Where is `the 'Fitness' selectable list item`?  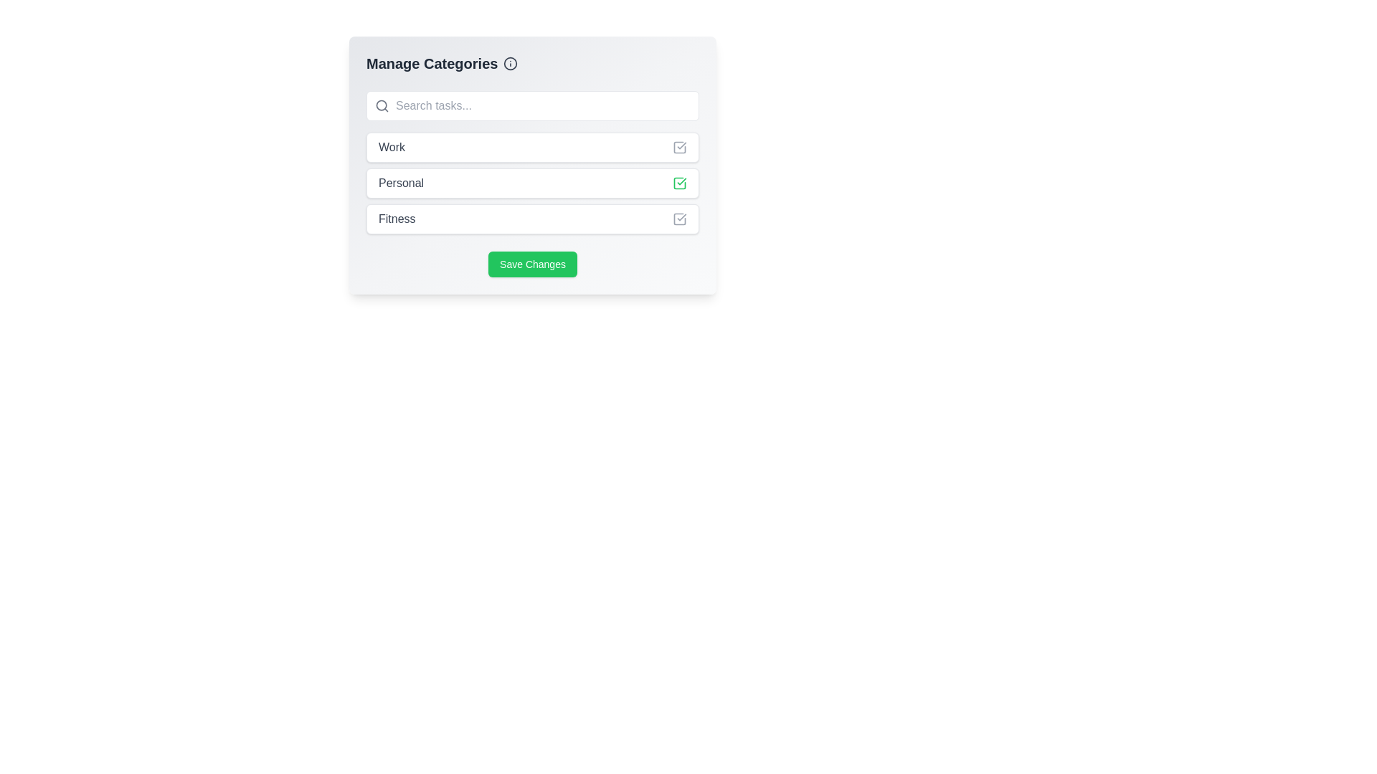 the 'Fitness' selectable list item is located at coordinates (532, 219).